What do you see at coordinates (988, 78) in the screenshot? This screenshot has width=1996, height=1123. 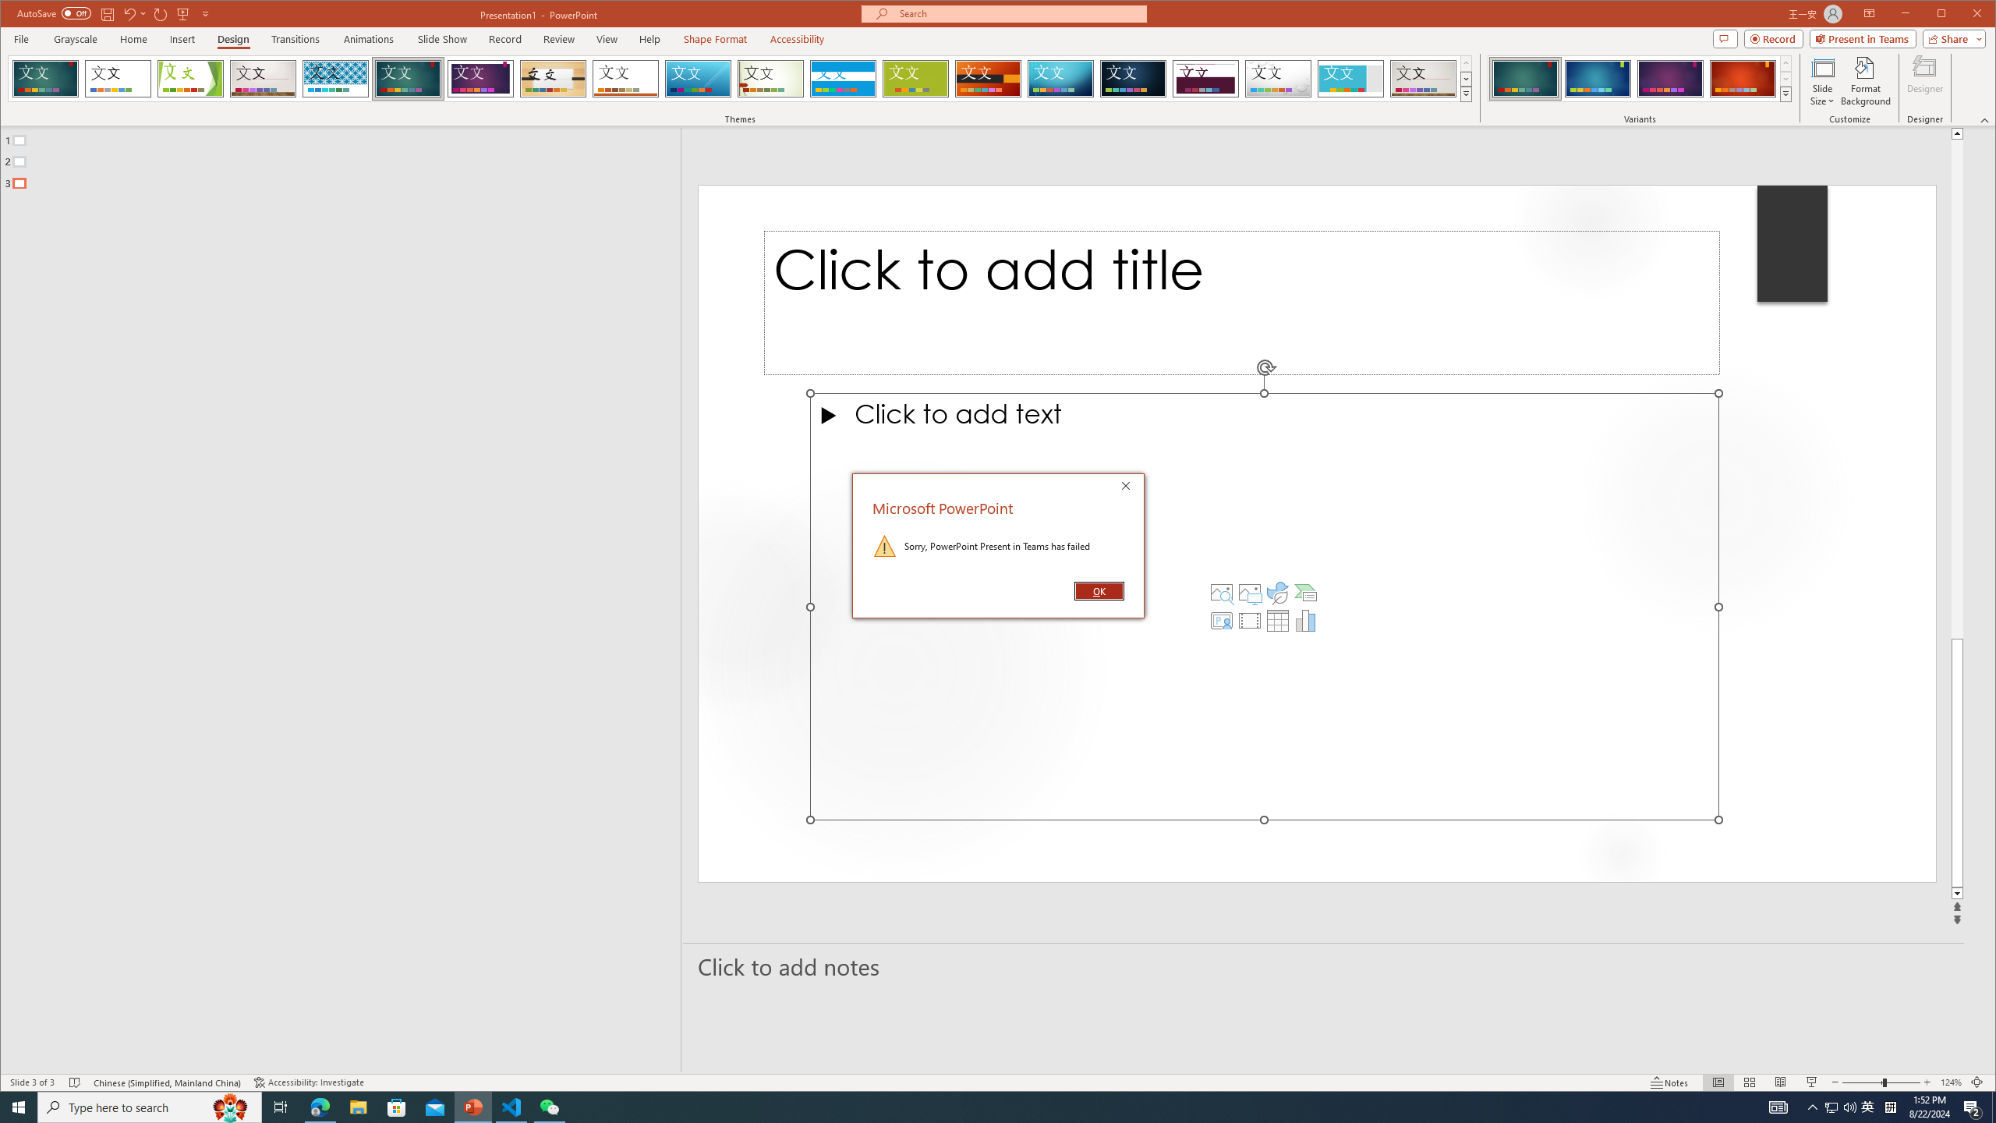 I see `'Berlin'` at bounding box center [988, 78].